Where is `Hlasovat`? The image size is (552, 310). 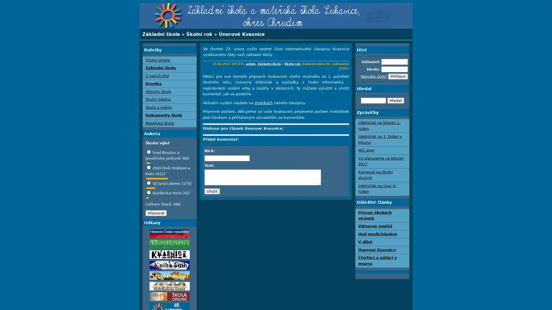 Hlasovat is located at coordinates (156, 213).